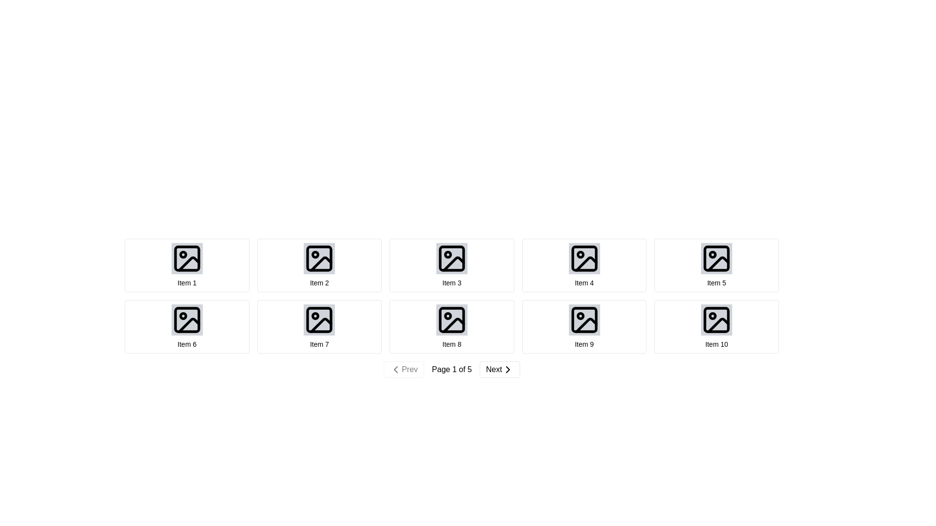 Image resolution: width=936 pixels, height=526 pixels. What do you see at coordinates (451, 343) in the screenshot?
I see `the 'Item 8' text label located beneath the image icon in the second row, third column of the grid layout` at bounding box center [451, 343].